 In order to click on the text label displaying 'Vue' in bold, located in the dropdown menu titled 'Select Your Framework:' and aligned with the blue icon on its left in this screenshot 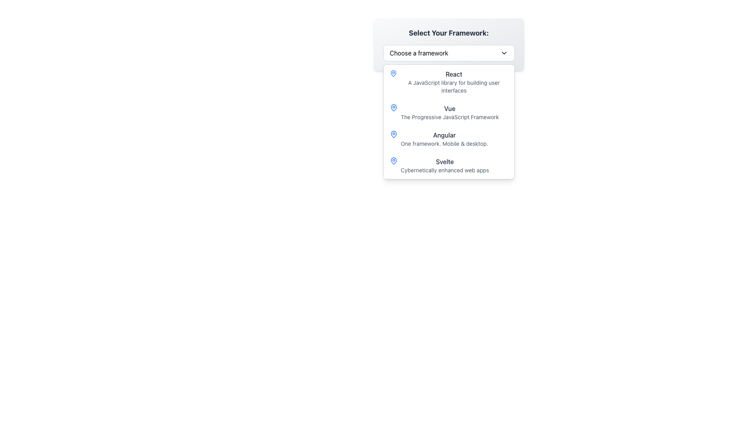, I will do `click(449, 108)`.